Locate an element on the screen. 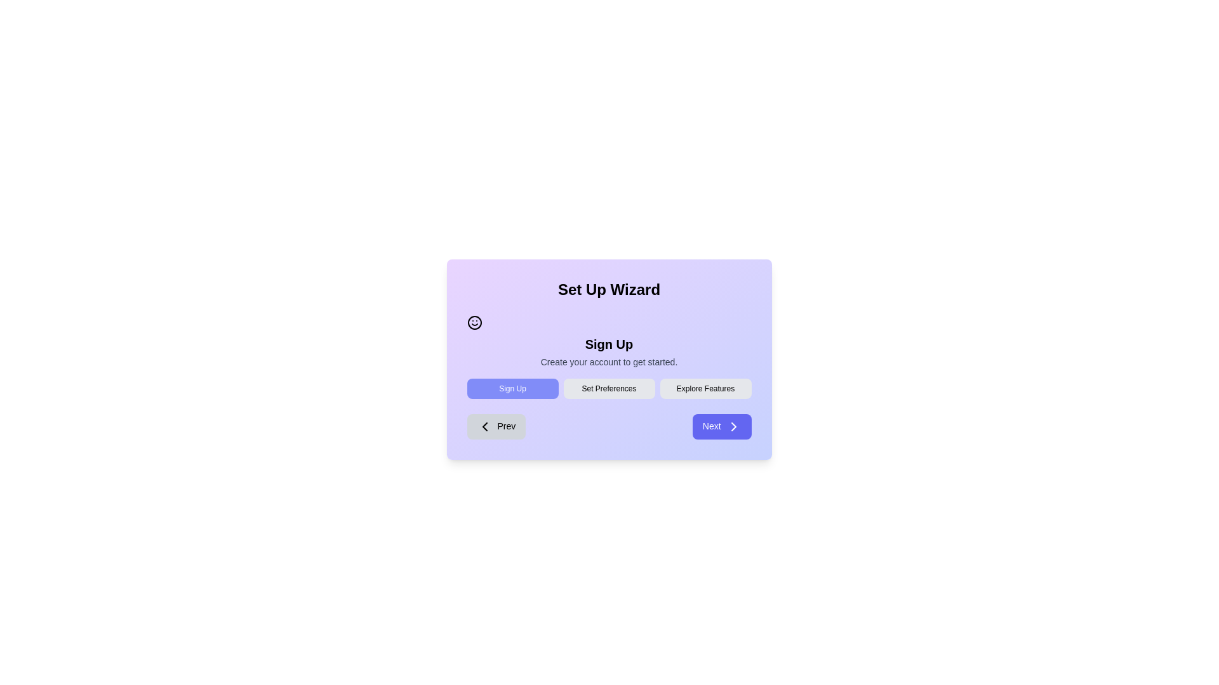 The image size is (1219, 685). the second button in a sequence of three horizontally aligned buttons, positioned between the 'Sign Up' button and the 'Explore Features' button, to change its appearance is located at coordinates (608, 388).